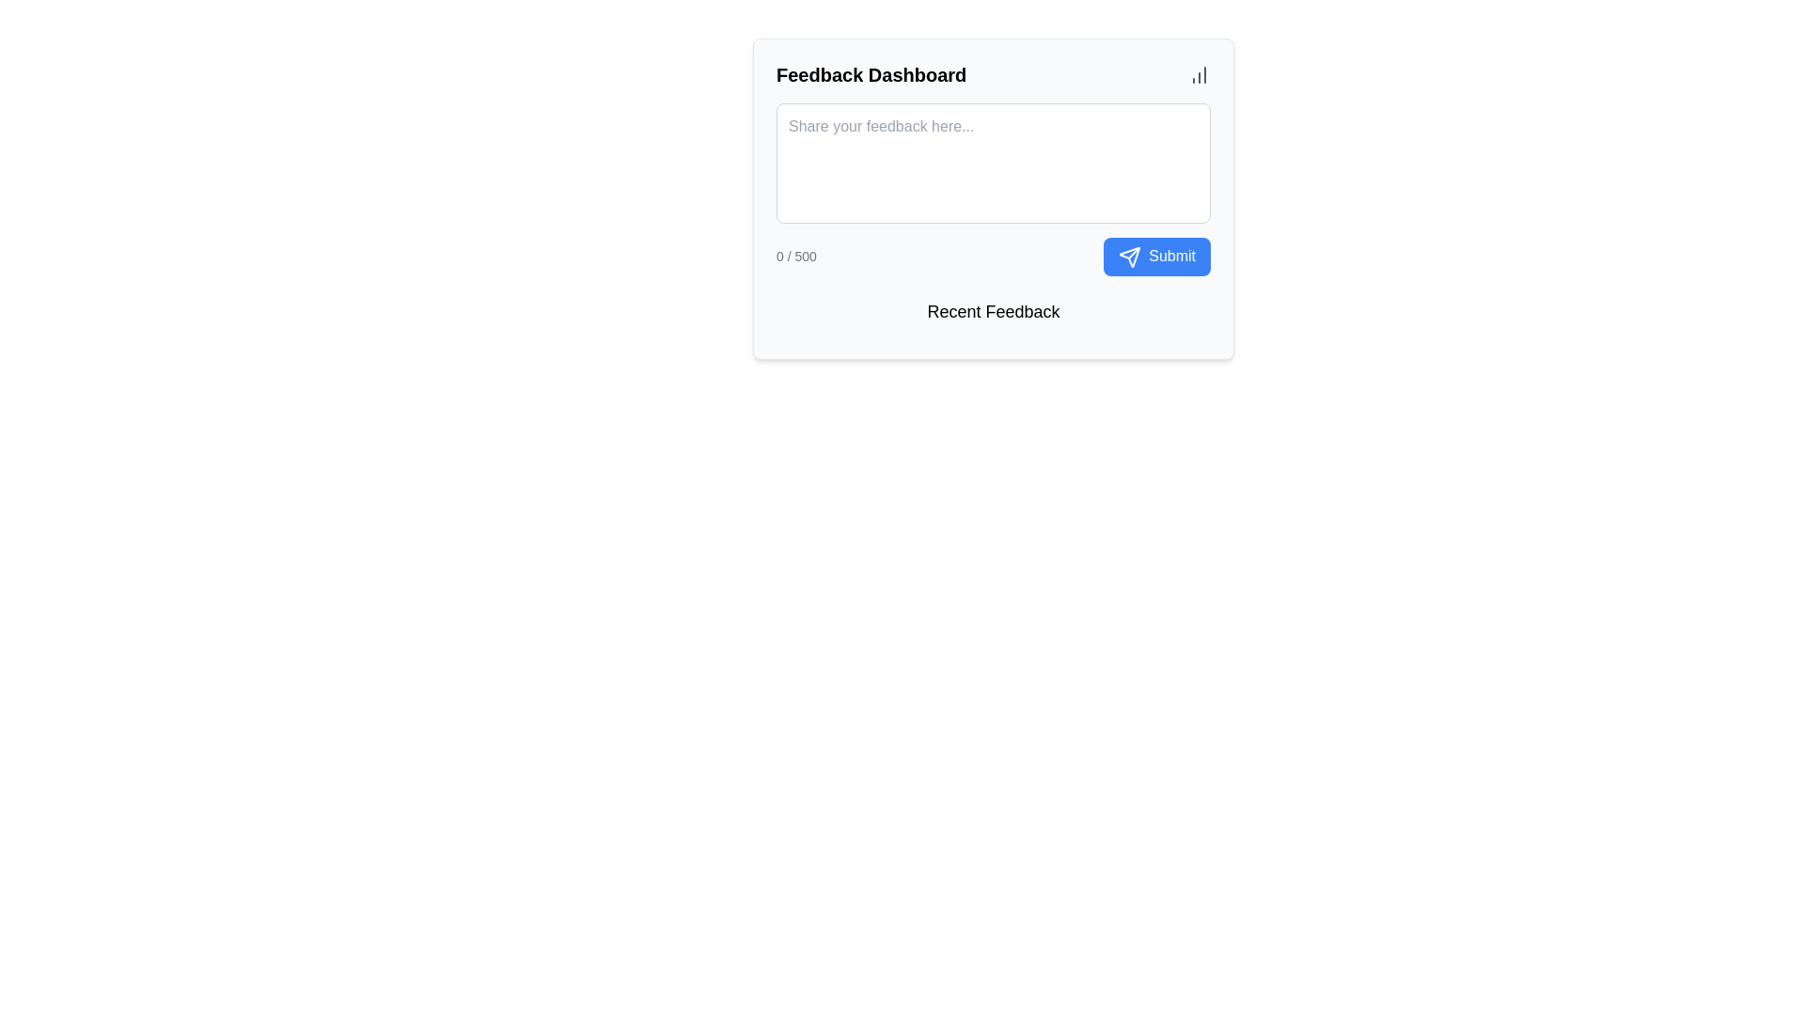  Describe the element at coordinates (1199, 74) in the screenshot. I see `the icon button located at the top-right corner of the 'Feedback Dashboard' section` at that location.